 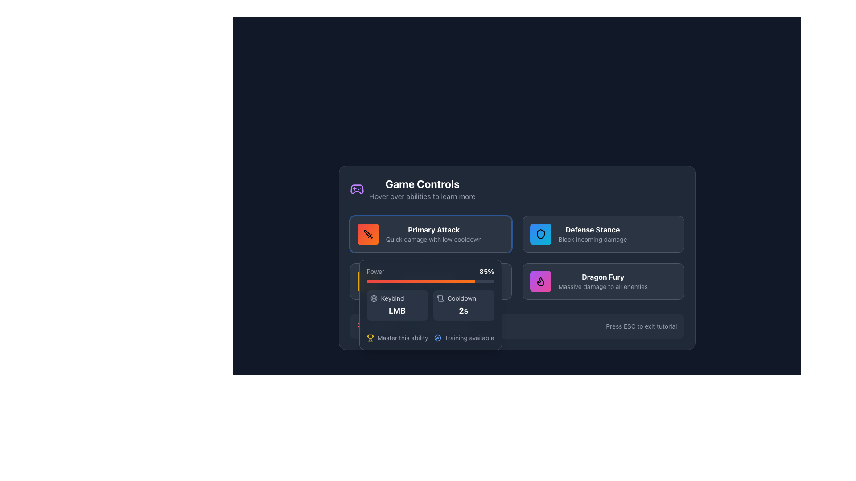 What do you see at coordinates (397, 298) in the screenshot?
I see `the Label with accompanying icon that indicates the keybinding for a specific action, positioned in the bottom section of the 'Power' panel, above the bold text 'LMB'` at bounding box center [397, 298].